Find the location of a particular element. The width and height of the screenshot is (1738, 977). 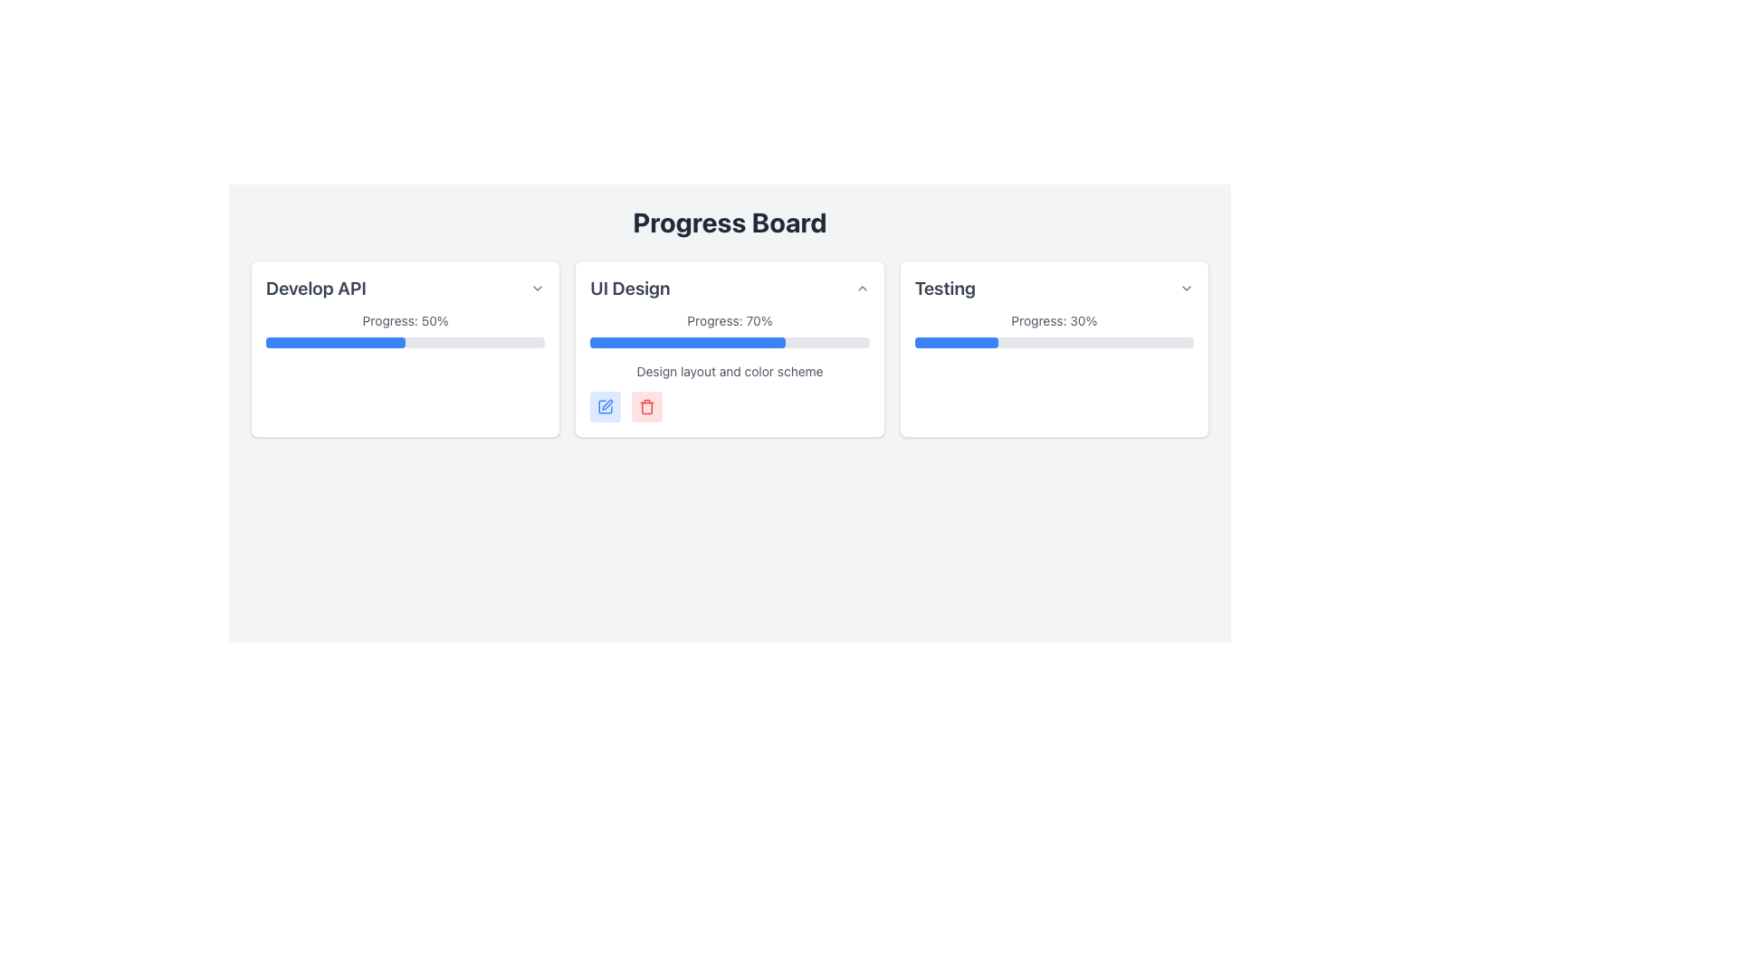

the blue rectangular progress indicator located in the 'Develop API' section of the progress board, which visually indicates a progress value is located at coordinates (336, 342).